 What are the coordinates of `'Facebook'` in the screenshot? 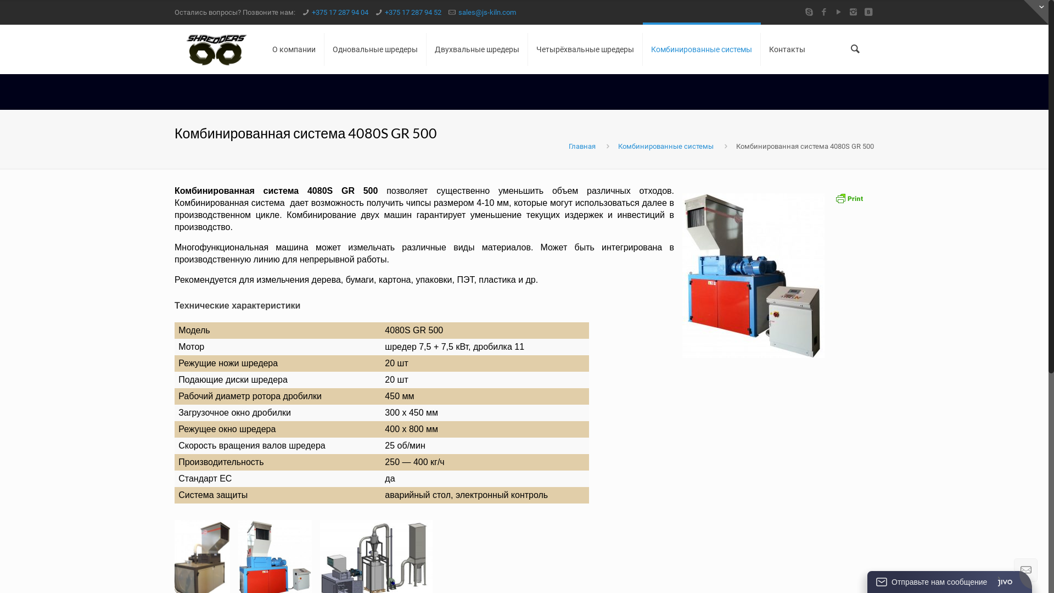 It's located at (823, 12).